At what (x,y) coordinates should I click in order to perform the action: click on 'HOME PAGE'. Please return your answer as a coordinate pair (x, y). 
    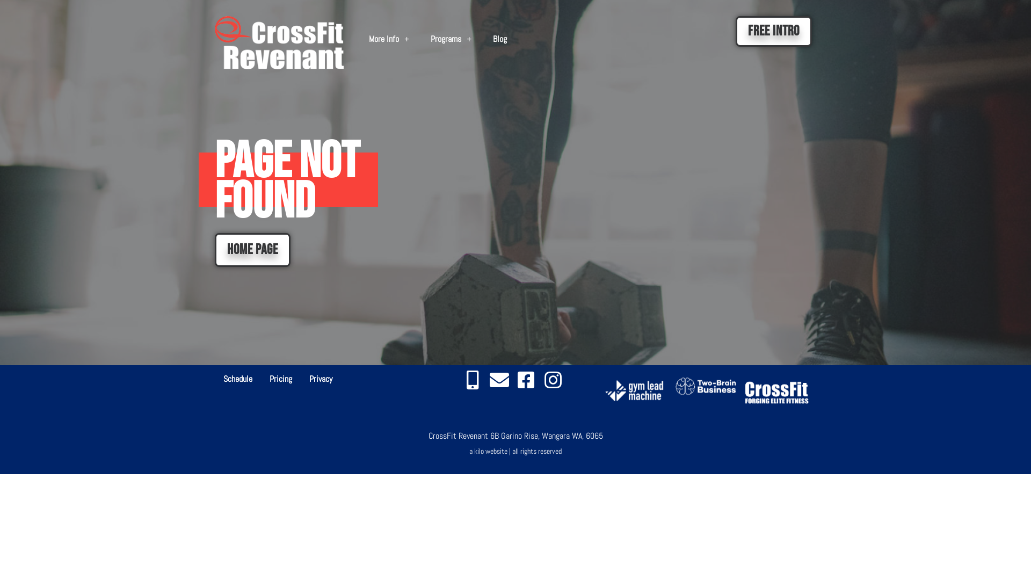
    Looking at the image, I should click on (252, 250).